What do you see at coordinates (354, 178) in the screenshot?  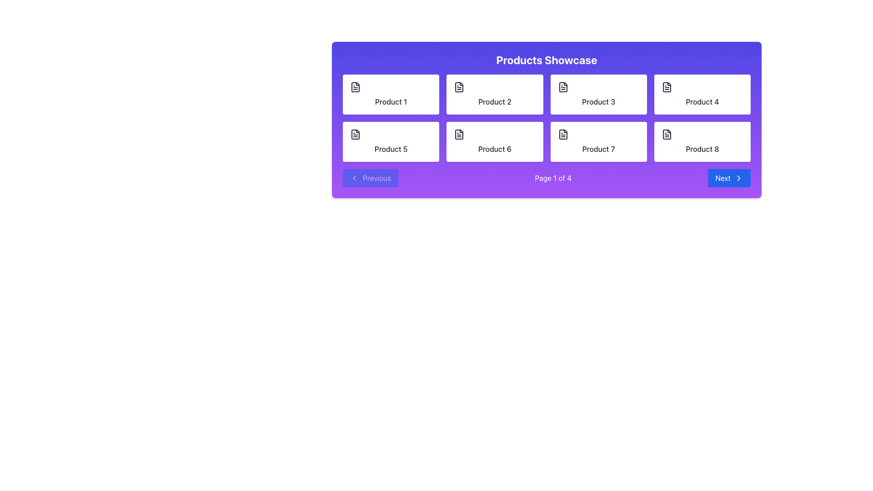 I see `the 'Previous' button which contains a left chevron icon, located at the bottom left corner of the product showcase card` at bounding box center [354, 178].